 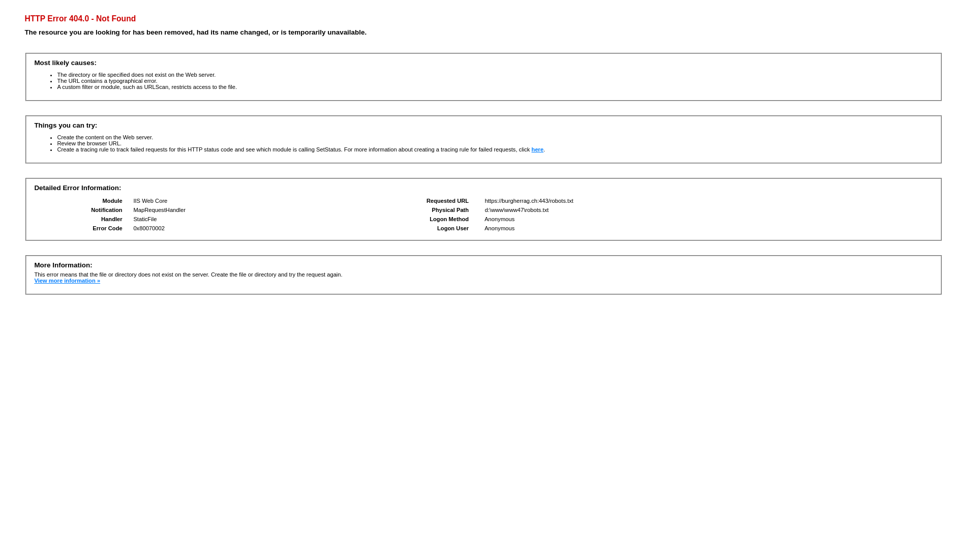 What do you see at coordinates (537, 149) in the screenshot?
I see `'here'` at bounding box center [537, 149].